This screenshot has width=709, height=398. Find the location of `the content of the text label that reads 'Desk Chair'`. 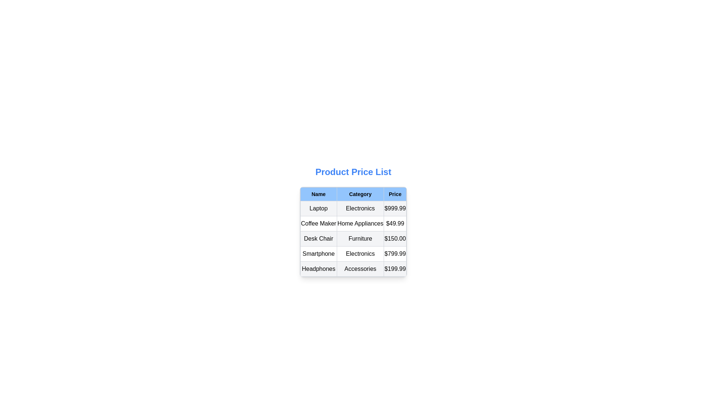

the content of the text label that reads 'Desk Chair' is located at coordinates (318, 239).